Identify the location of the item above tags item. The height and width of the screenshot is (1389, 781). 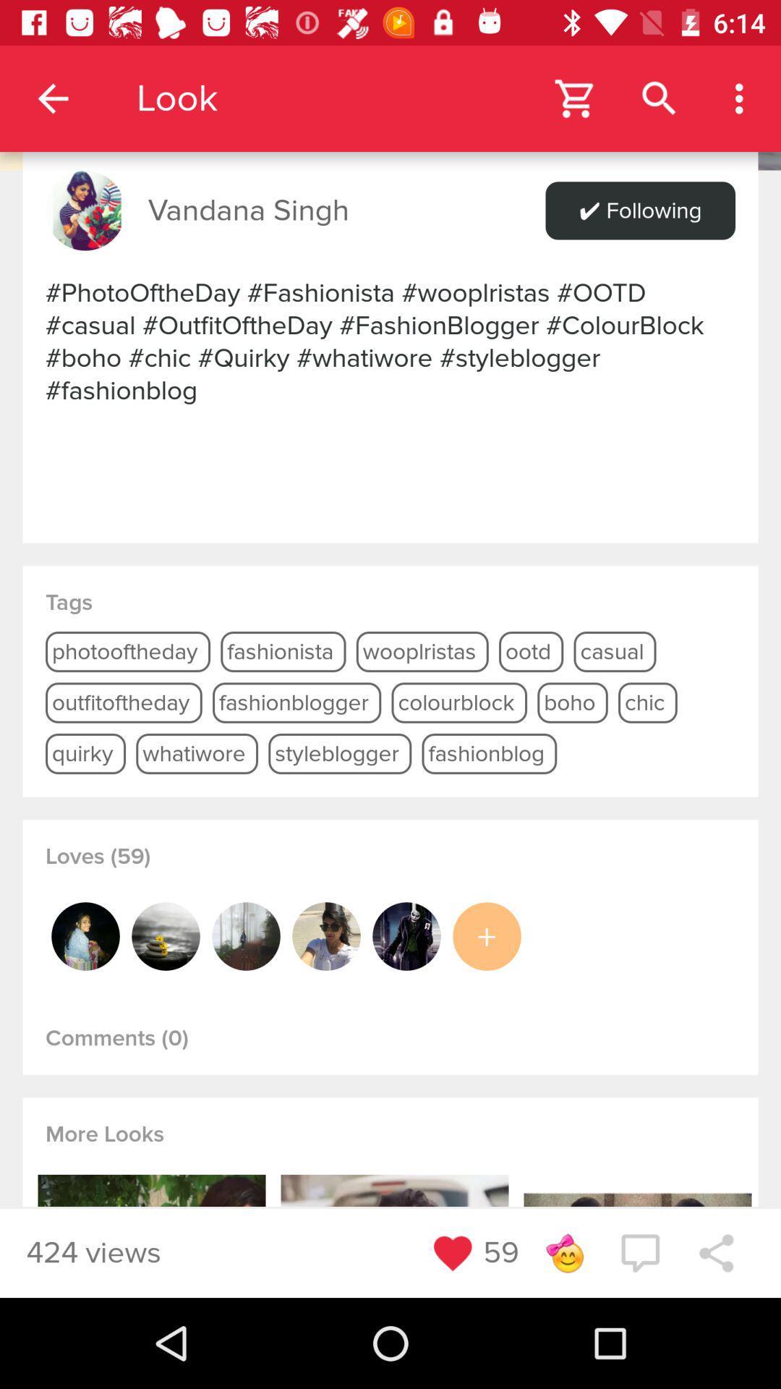
(390, 341).